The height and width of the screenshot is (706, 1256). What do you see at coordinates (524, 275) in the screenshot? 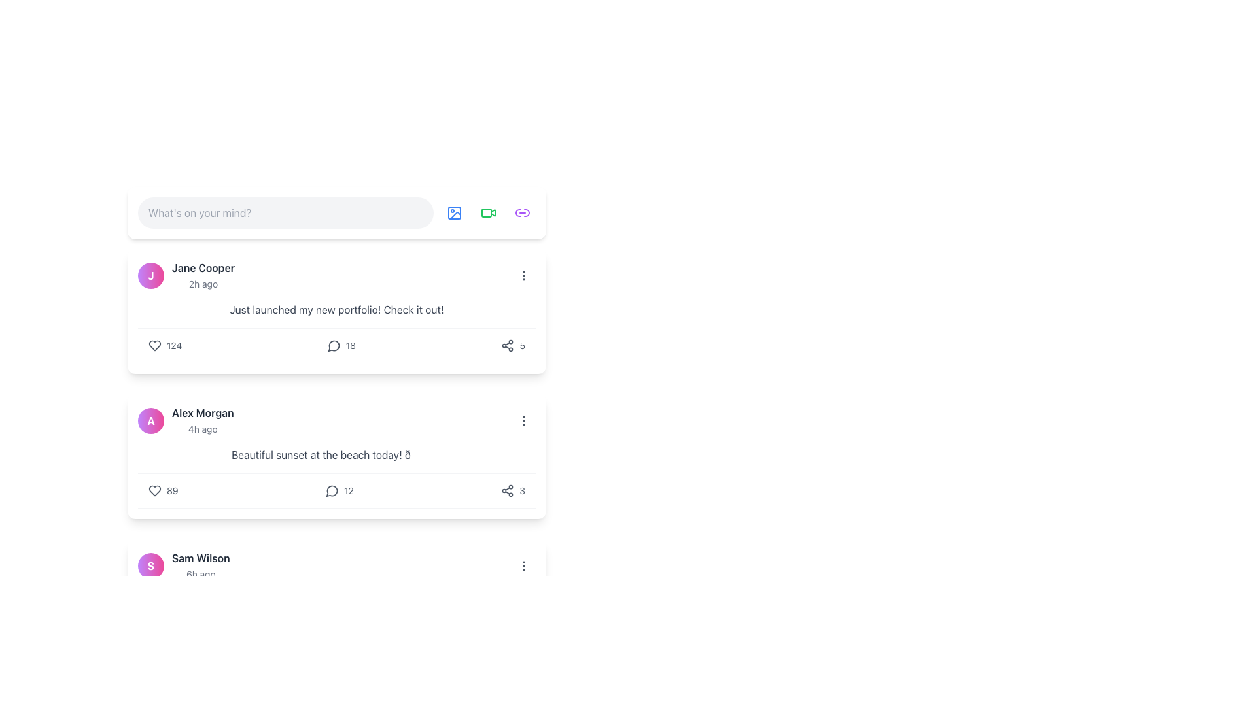
I see `the options button located in the top-right corner of the user card displaying 'Jane Cooper'` at bounding box center [524, 275].